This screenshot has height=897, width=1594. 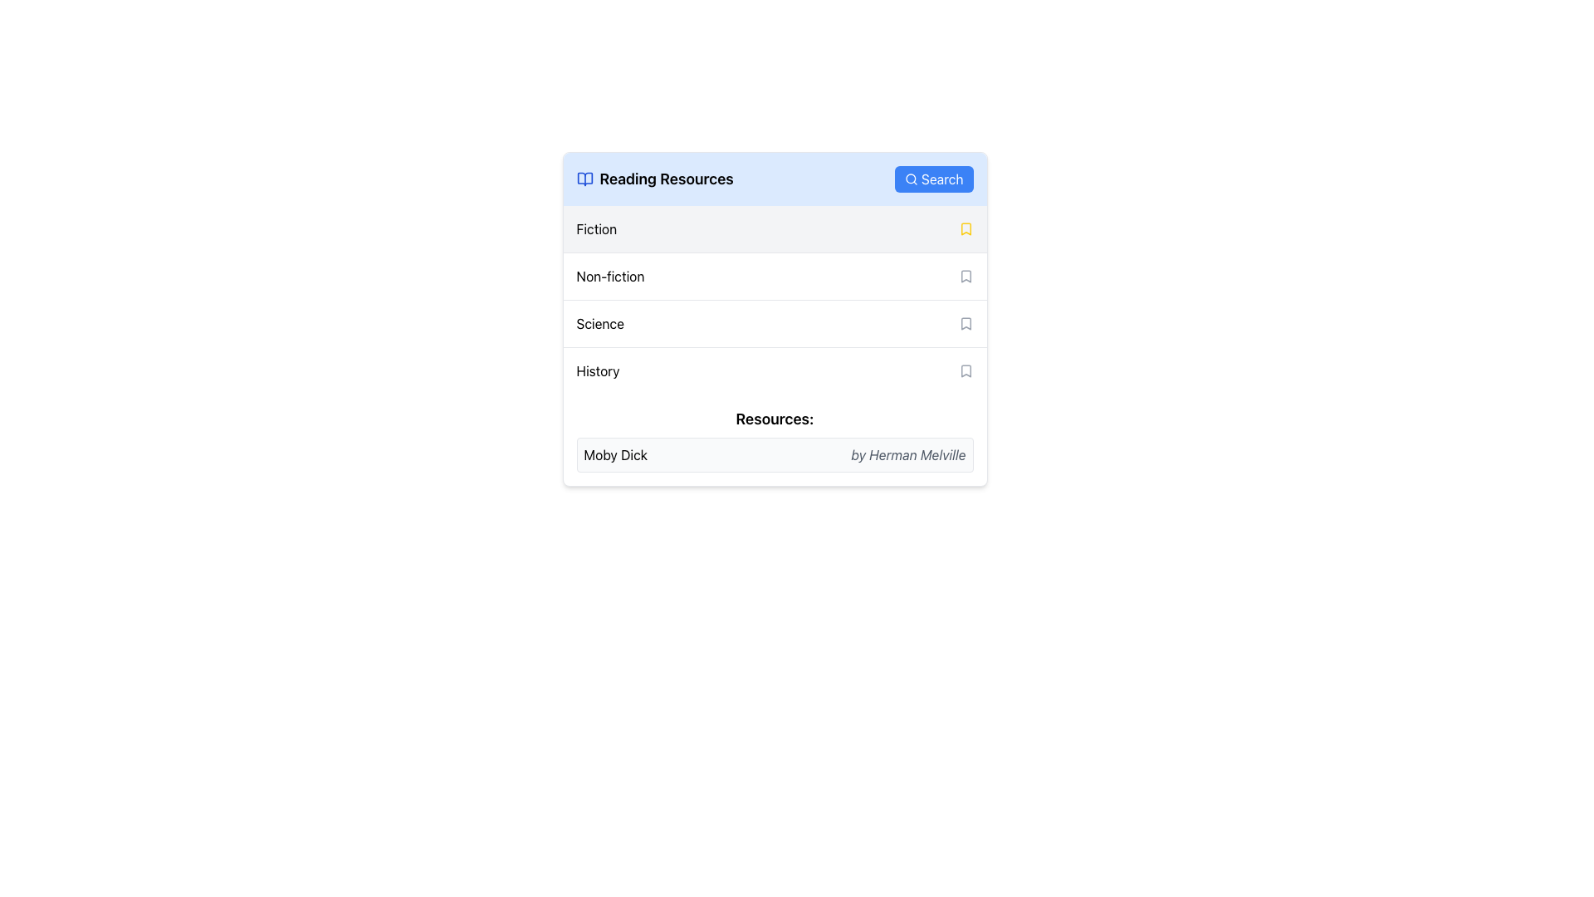 I want to click on the third list item labeled 'Science' in the 'Reading Resources' section to trigger a highlight or tooltip, so click(x=774, y=300).